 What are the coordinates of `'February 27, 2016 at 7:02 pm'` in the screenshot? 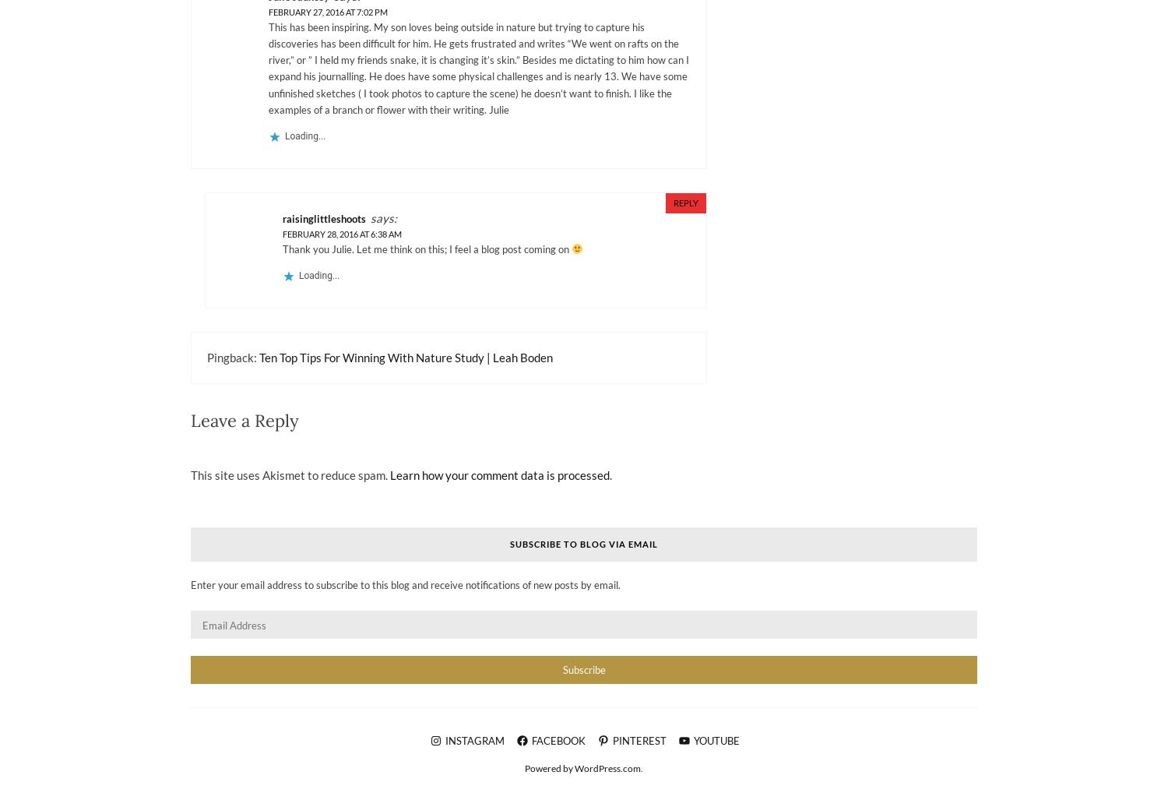 It's located at (328, 11).